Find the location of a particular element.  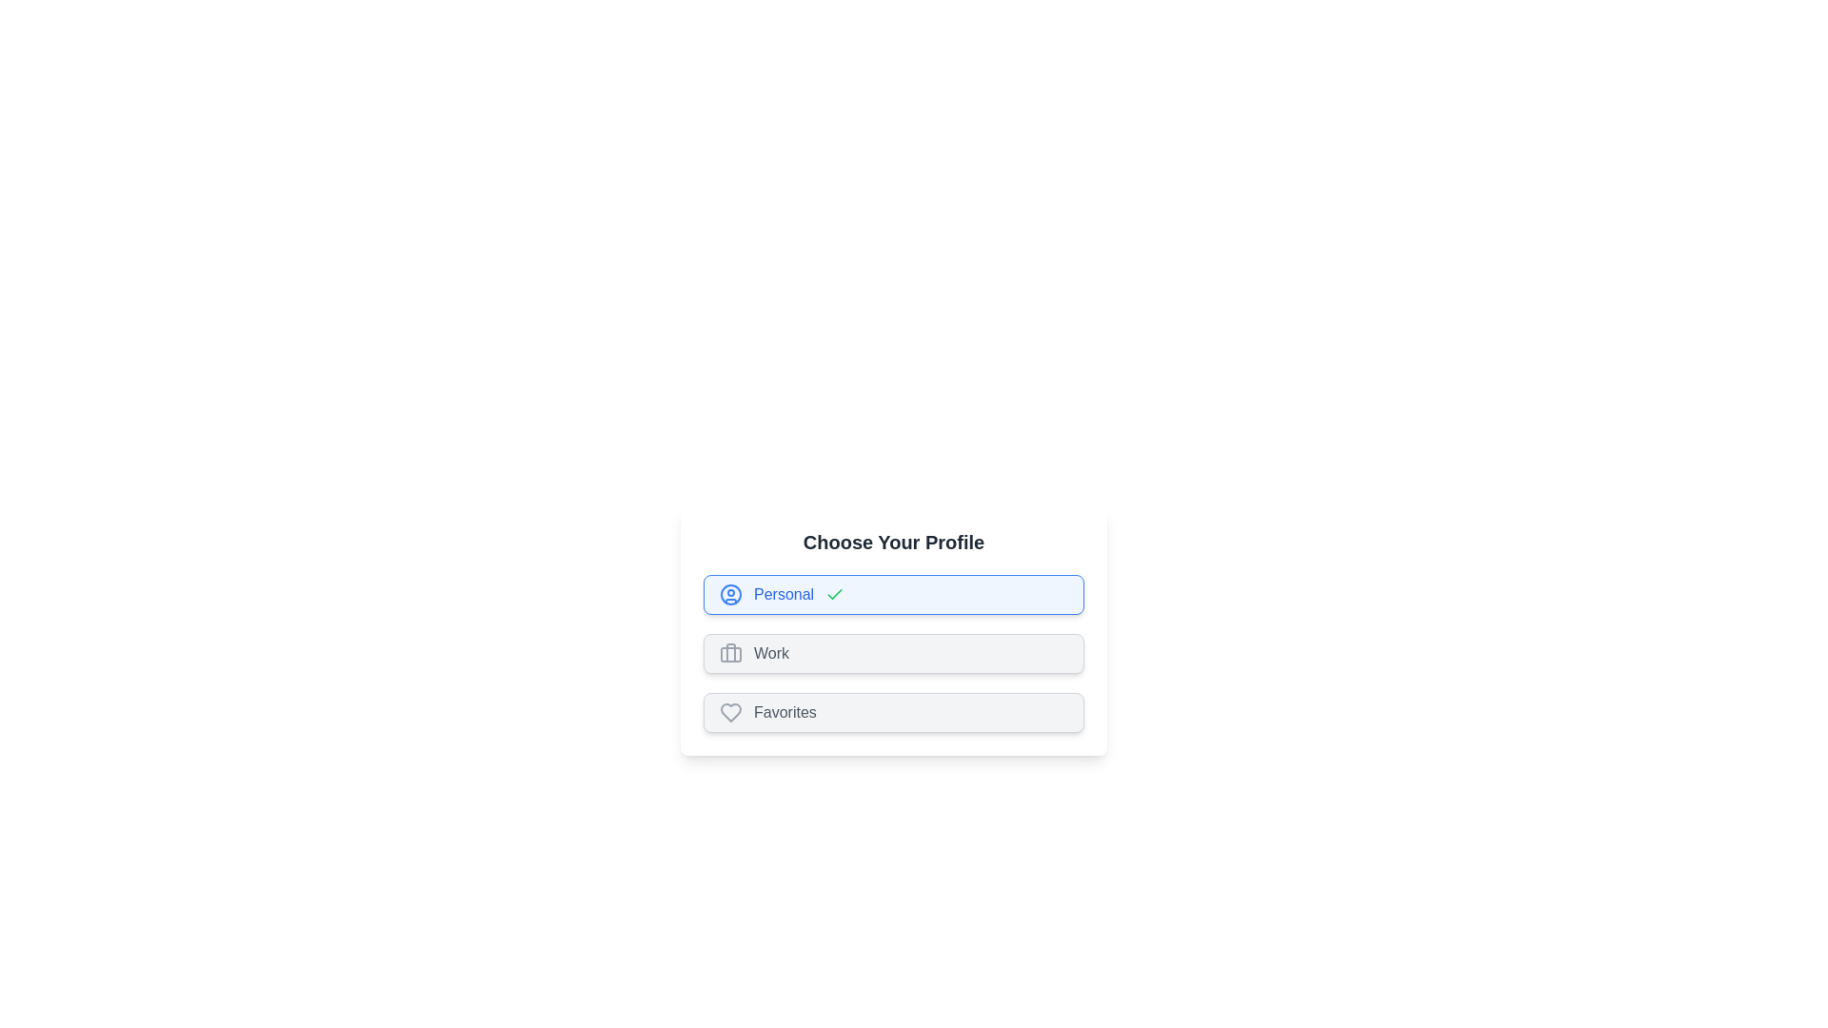

the profile chip labeled Work is located at coordinates (893, 652).